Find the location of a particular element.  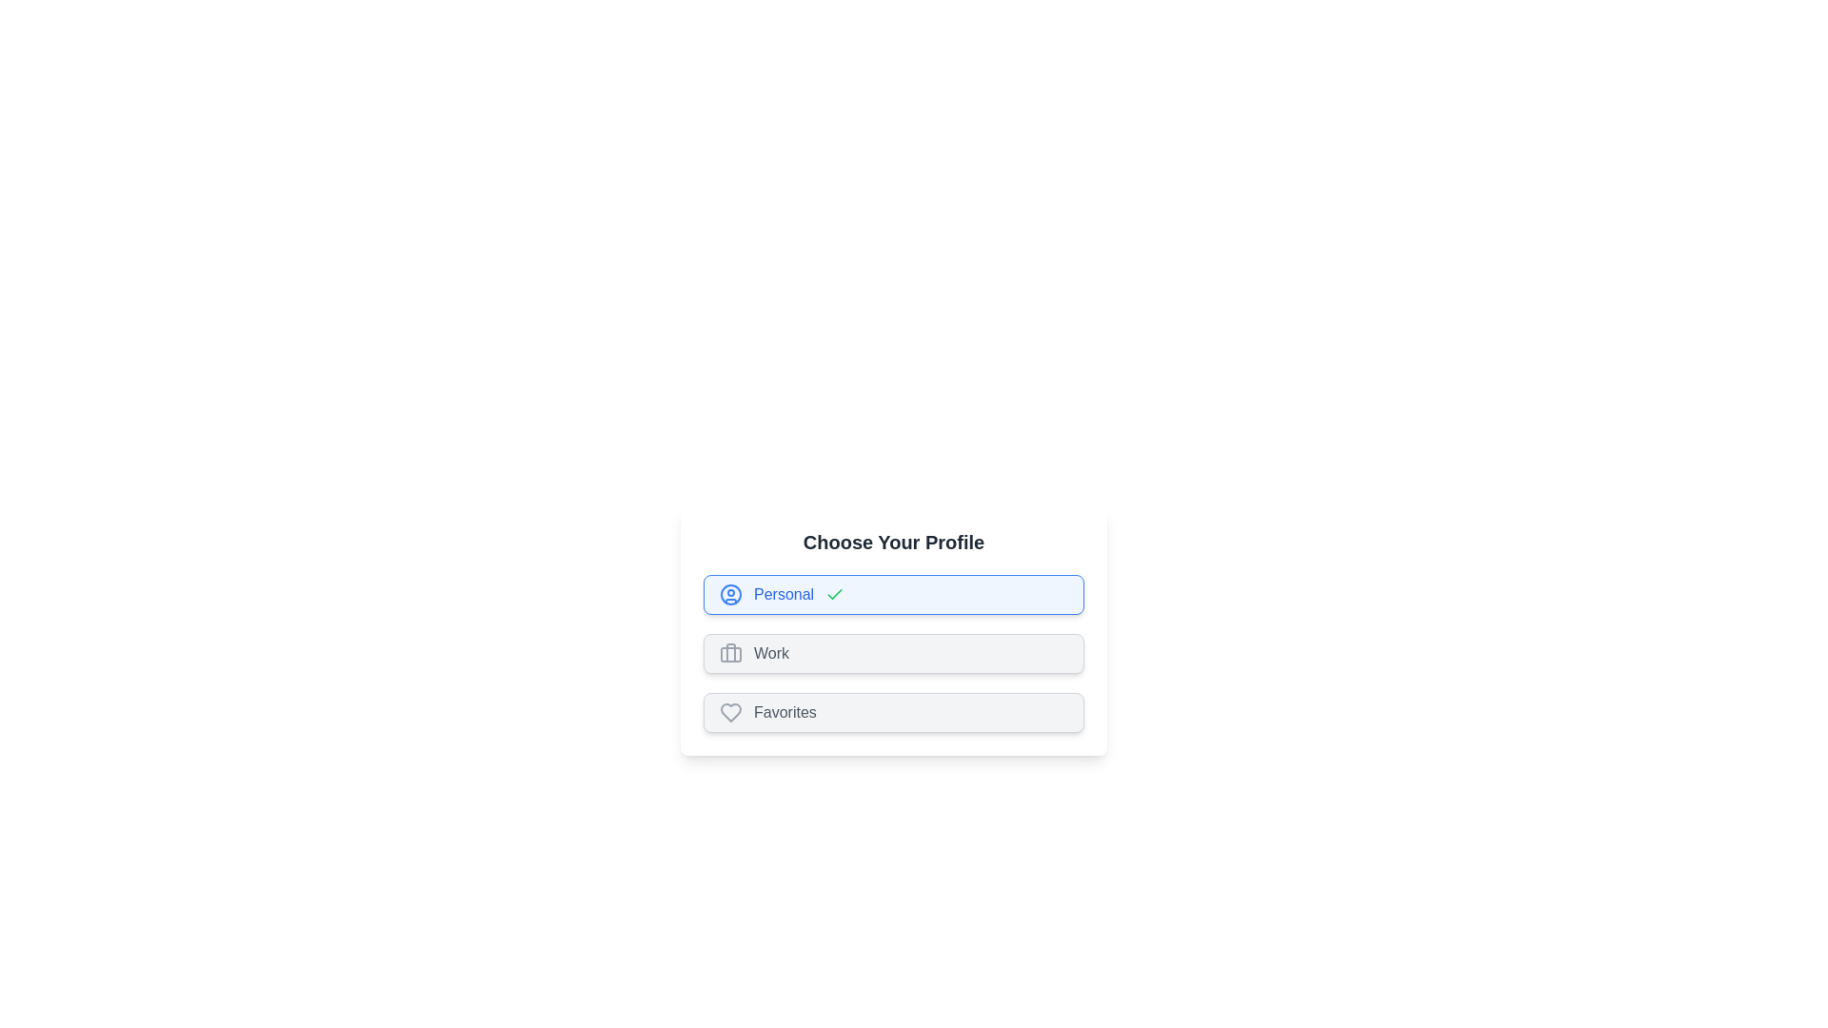

the profile chip labeled Work is located at coordinates (893, 652).